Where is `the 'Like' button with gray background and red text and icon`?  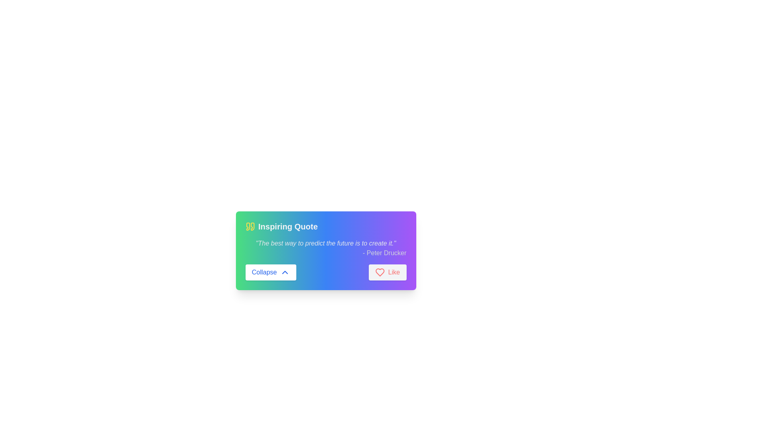 the 'Like' button with gray background and red text and icon is located at coordinates (387, 272).